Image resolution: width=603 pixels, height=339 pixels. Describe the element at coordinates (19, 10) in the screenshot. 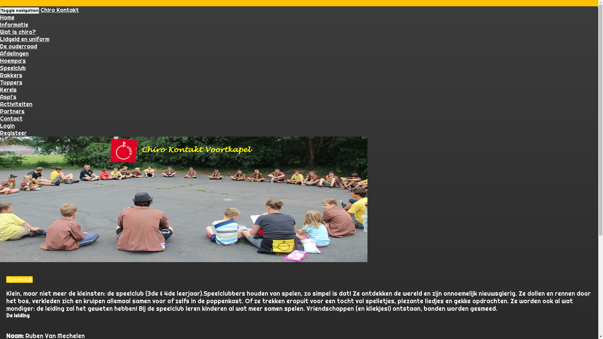

I see `'Toggle navigation'` at that location.